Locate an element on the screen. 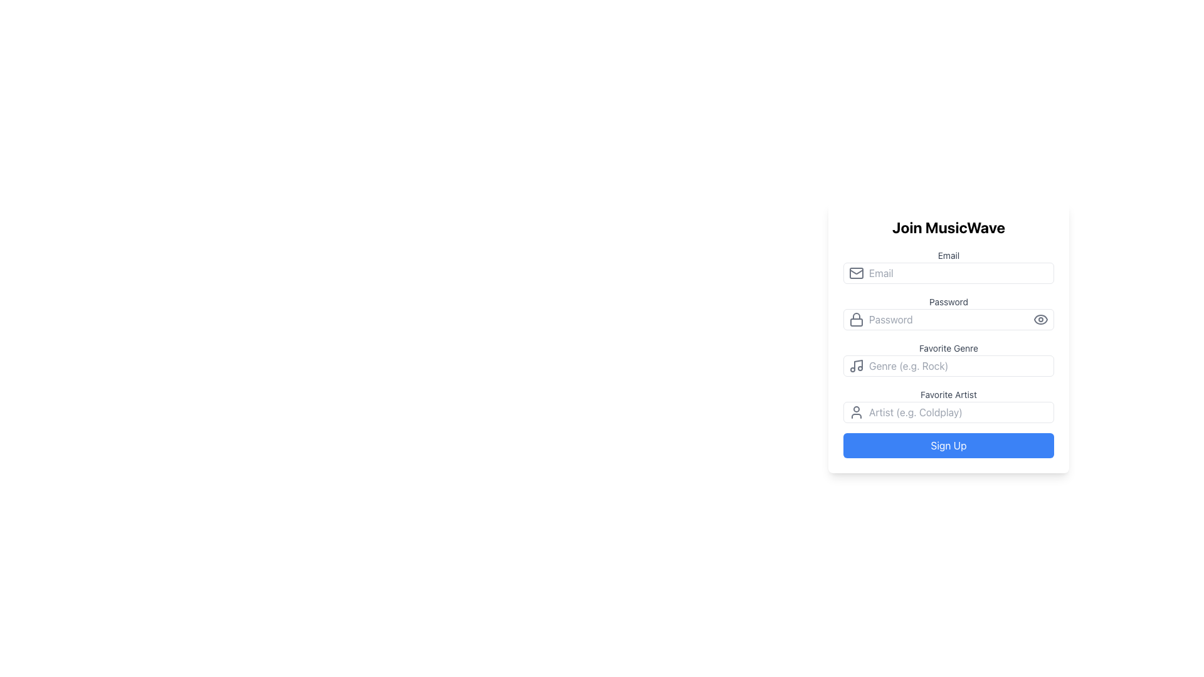  the 'Sign Up' button, which is a wide rectangular button with rounded corners and a vibrant blue background, to change its color is located at coordinates (948, 444).